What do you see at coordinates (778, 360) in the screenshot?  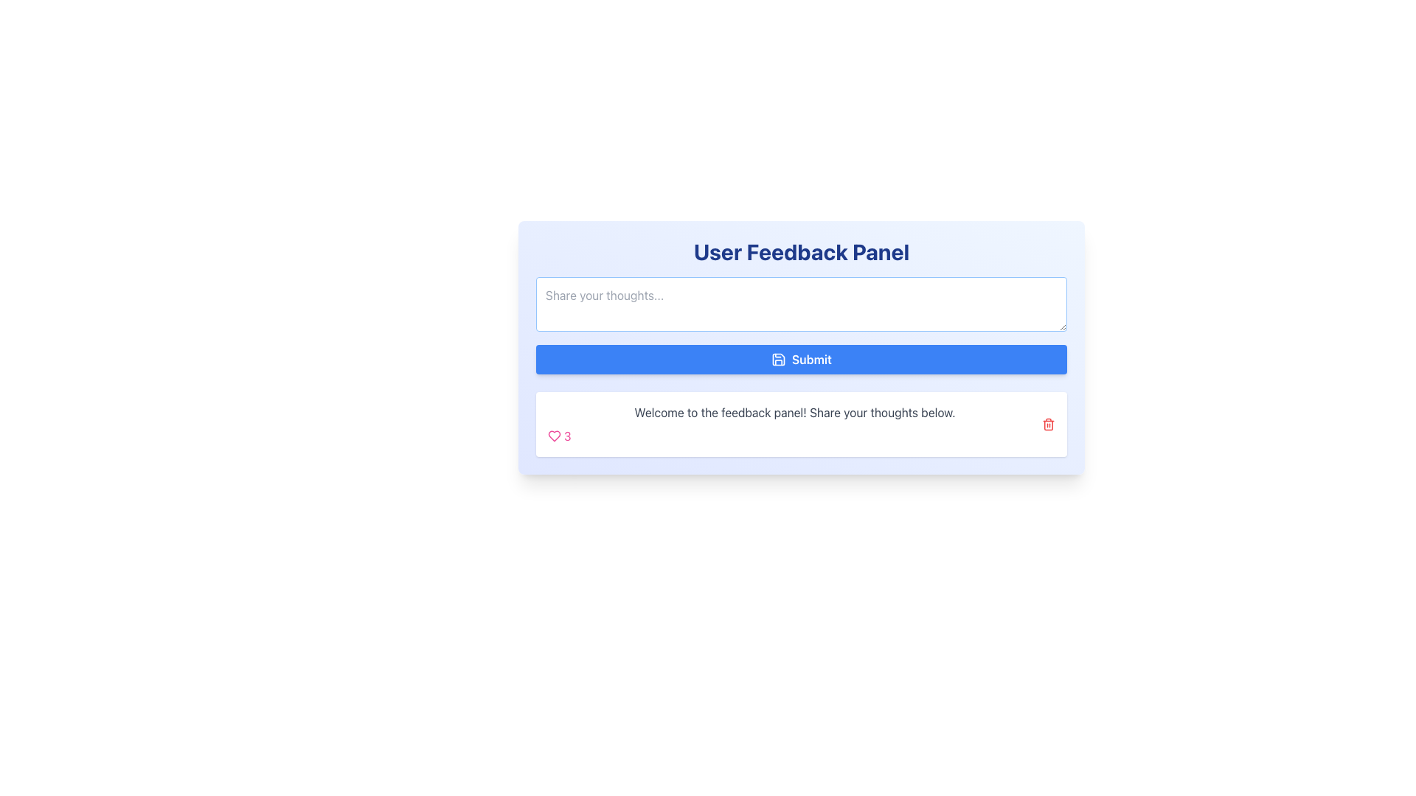 I see `the save button icon, which is a graphical representation of a floppy disk located in the top-right section of the second panel, directly to the left of the word 'Submit'` at bounding box center [778, 360].